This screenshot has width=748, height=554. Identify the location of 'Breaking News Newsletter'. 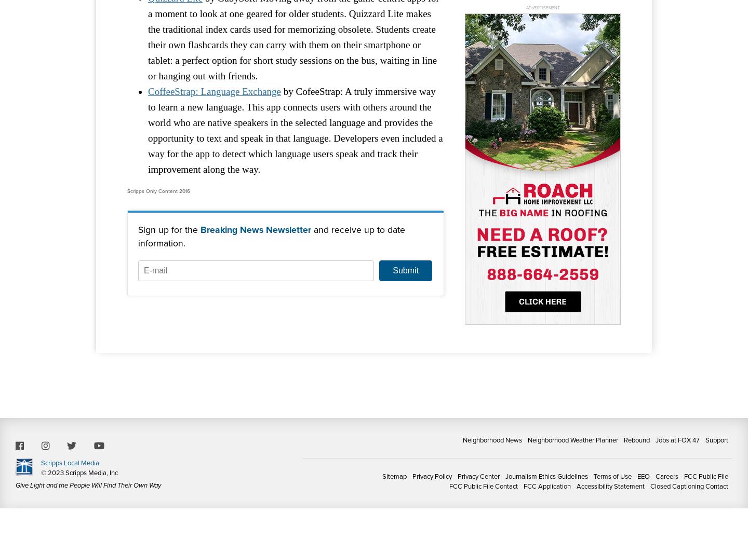
(200, 229).